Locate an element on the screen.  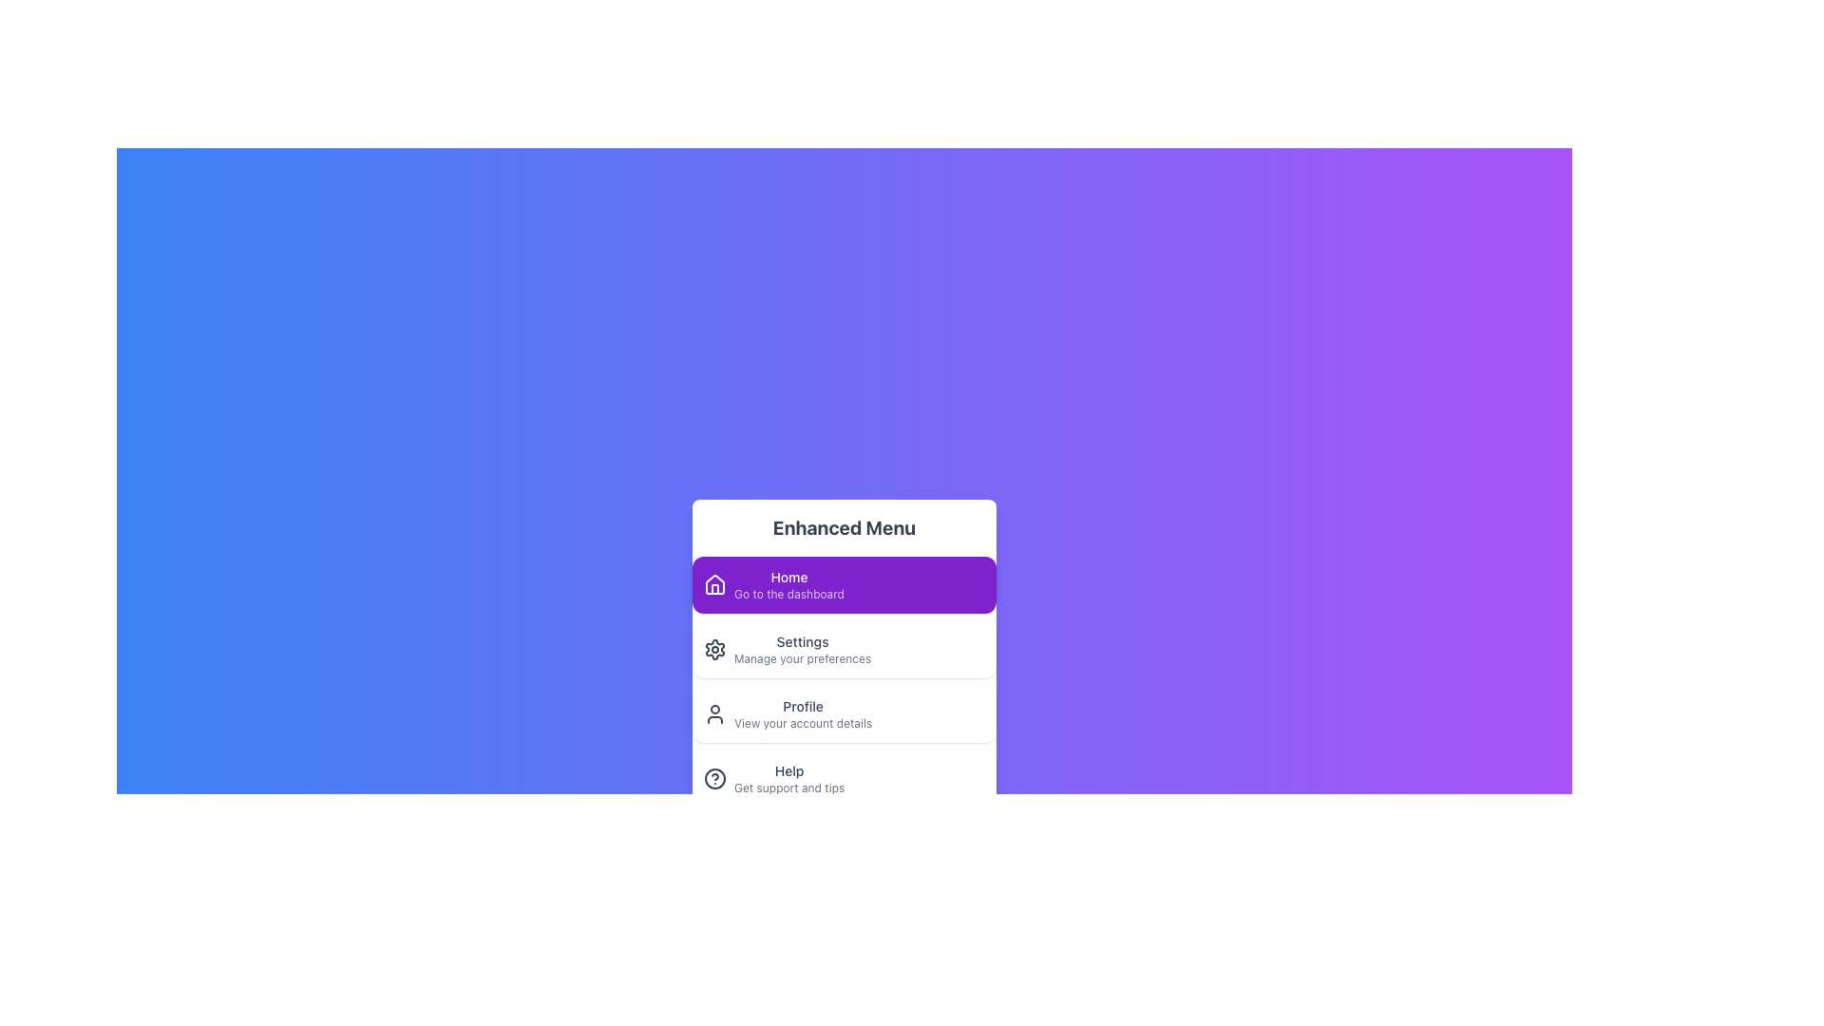
the 'Settings' Text Label located in the 'Enhanced Menu' is located at coordinates (803, 648).